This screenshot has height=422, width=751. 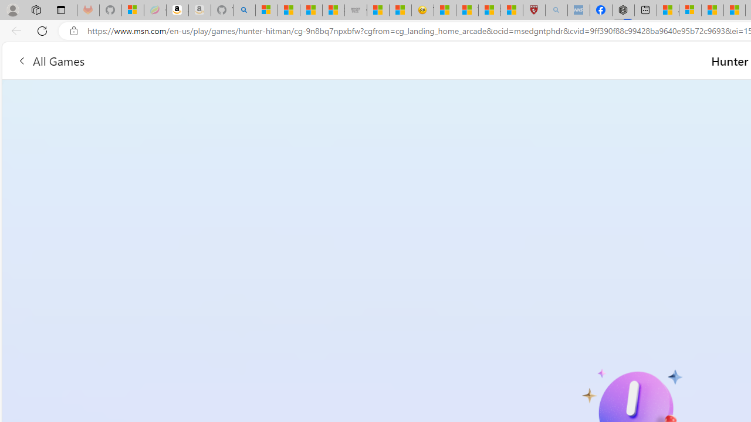 I want to click on 'Combat Siege', so click(x=355, y=10).